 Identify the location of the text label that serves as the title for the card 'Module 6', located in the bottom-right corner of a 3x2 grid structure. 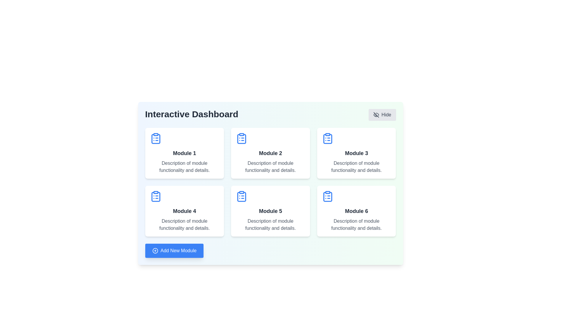
(356, 211).